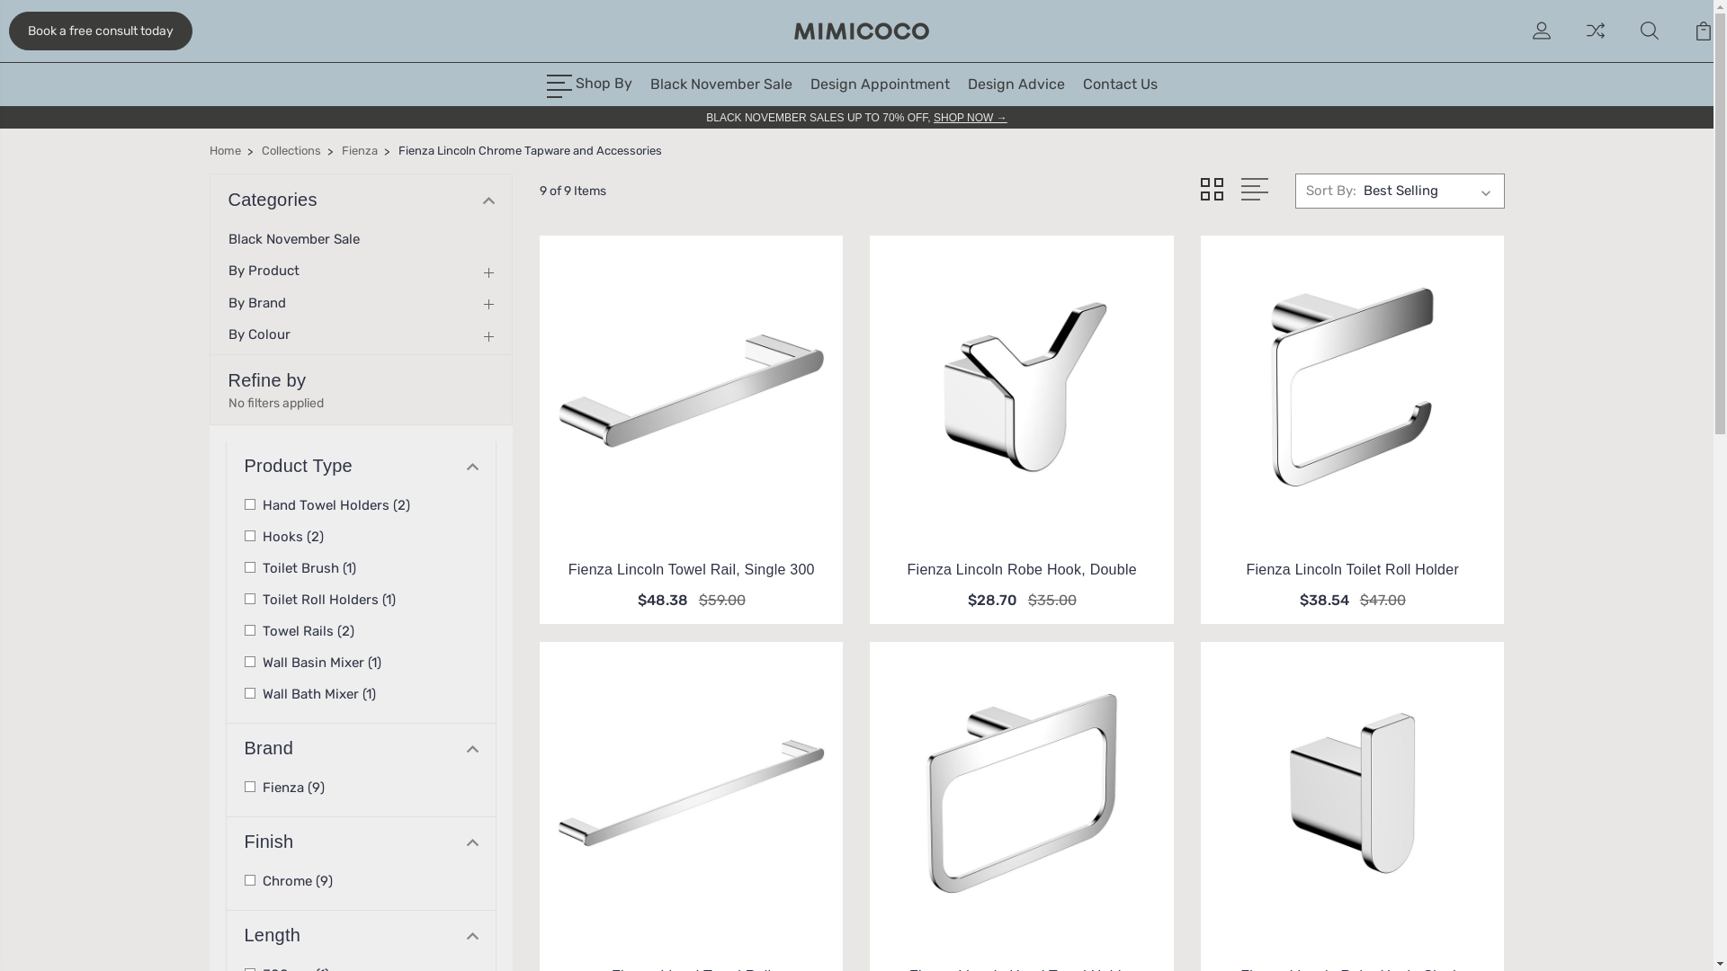 The height and width of the screenshot is (971, 1727). I want to click on 'Book a free consult today', so click(8, 31).